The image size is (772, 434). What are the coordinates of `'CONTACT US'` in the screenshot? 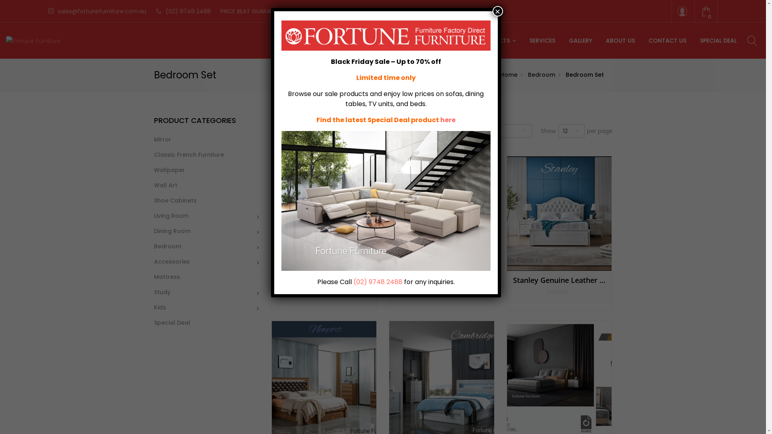 It's located at (667, 40).